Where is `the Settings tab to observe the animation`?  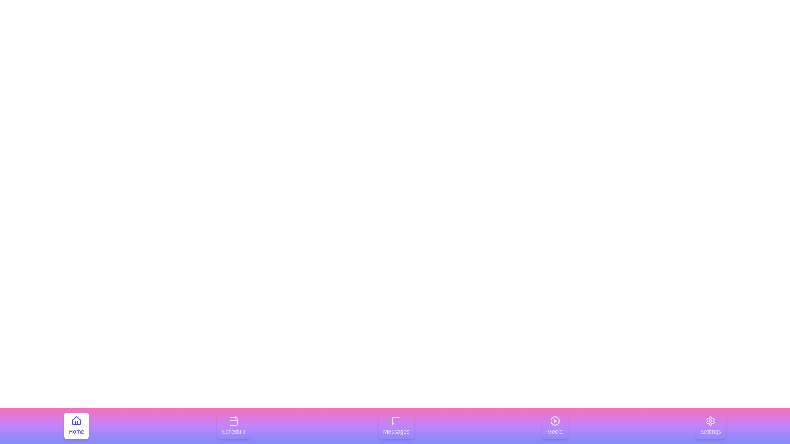
the Settings tab to observe the animation is located at coordinates (710, 425).